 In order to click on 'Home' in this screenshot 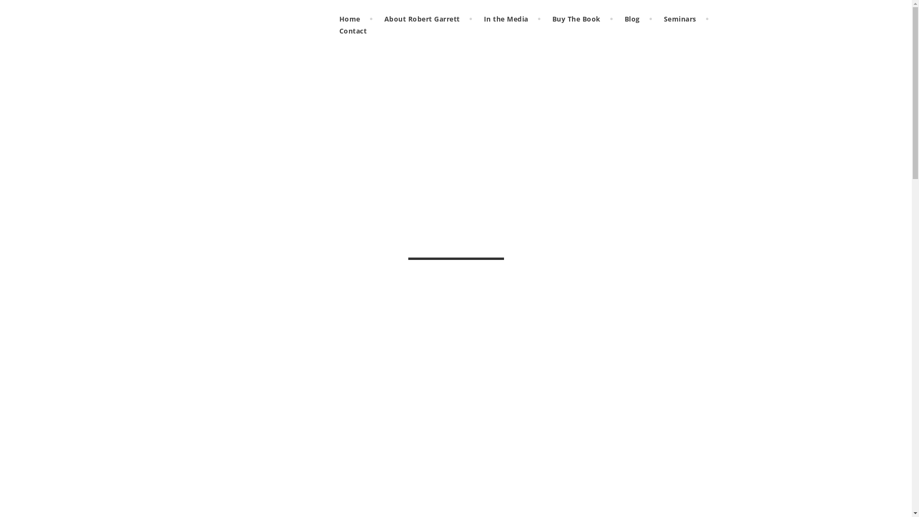, I will do `click(332, 19)`.